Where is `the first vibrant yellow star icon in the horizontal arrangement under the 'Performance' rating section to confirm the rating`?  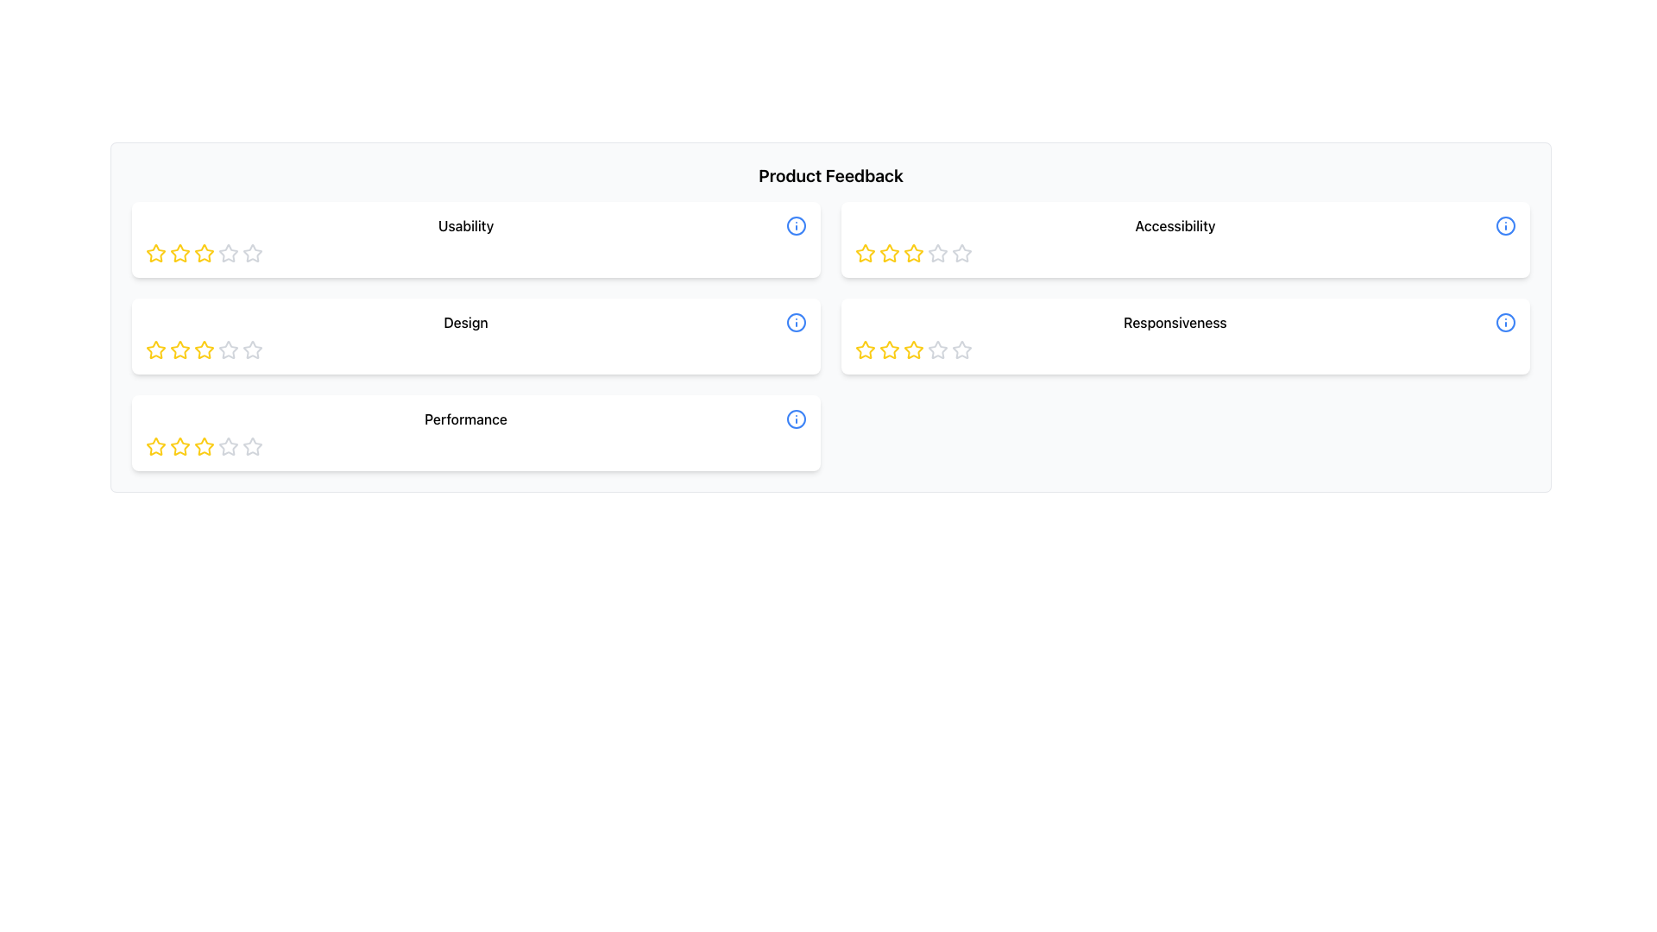
the first vibrant yellow star icon in the horizontal arrangement under the 'Performance' rating section to confirm the rating is located at coordinates (156, 445).